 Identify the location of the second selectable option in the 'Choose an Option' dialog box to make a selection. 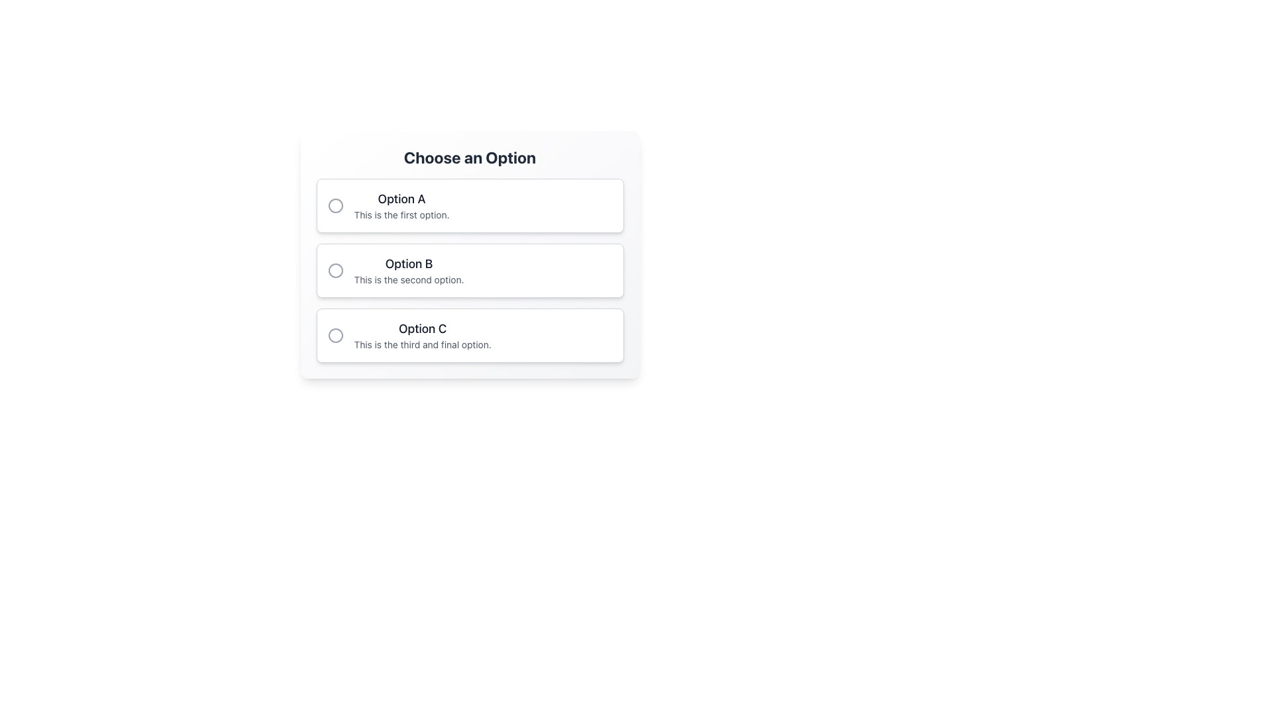
(470, 255).